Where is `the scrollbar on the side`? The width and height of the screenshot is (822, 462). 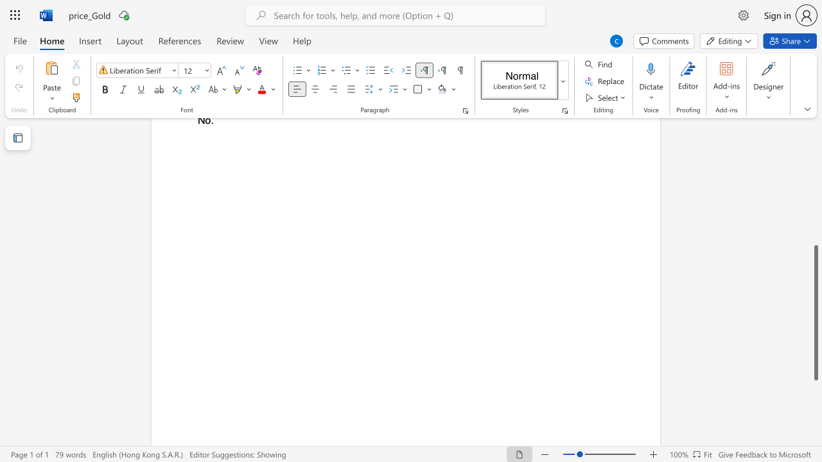
the scrollbar on the side is located at coordinates (815, 166).